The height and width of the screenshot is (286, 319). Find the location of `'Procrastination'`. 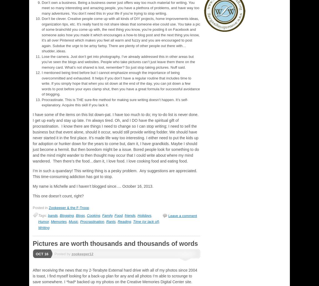

'Procrastination' is located at coordinates (80, 221).